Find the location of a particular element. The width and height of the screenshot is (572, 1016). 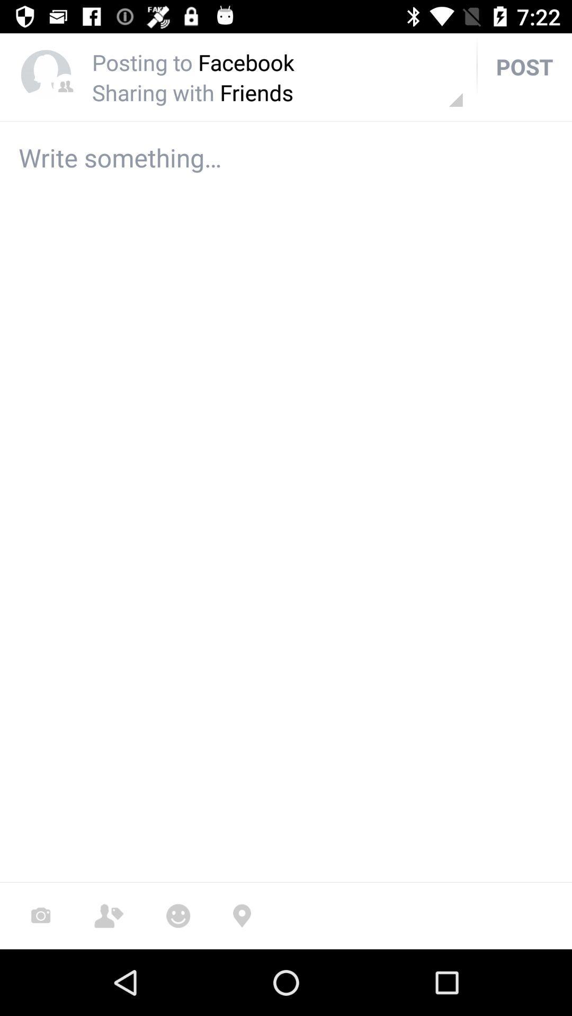

the photo icon is located at coordinates (40, 915).